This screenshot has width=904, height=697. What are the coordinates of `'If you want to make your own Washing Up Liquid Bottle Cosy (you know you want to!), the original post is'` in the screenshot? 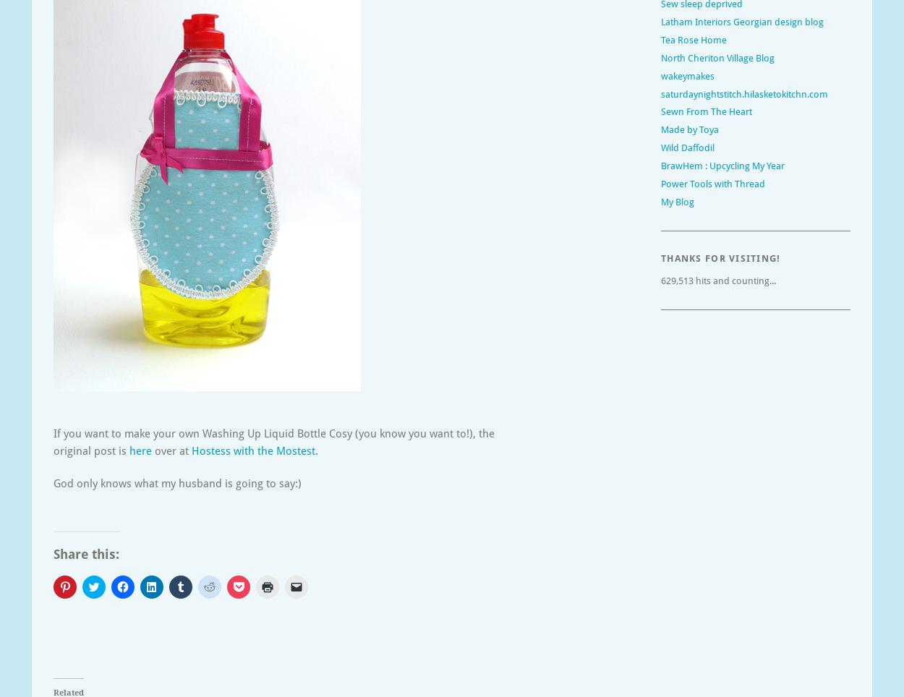 It's located at (274, 442).